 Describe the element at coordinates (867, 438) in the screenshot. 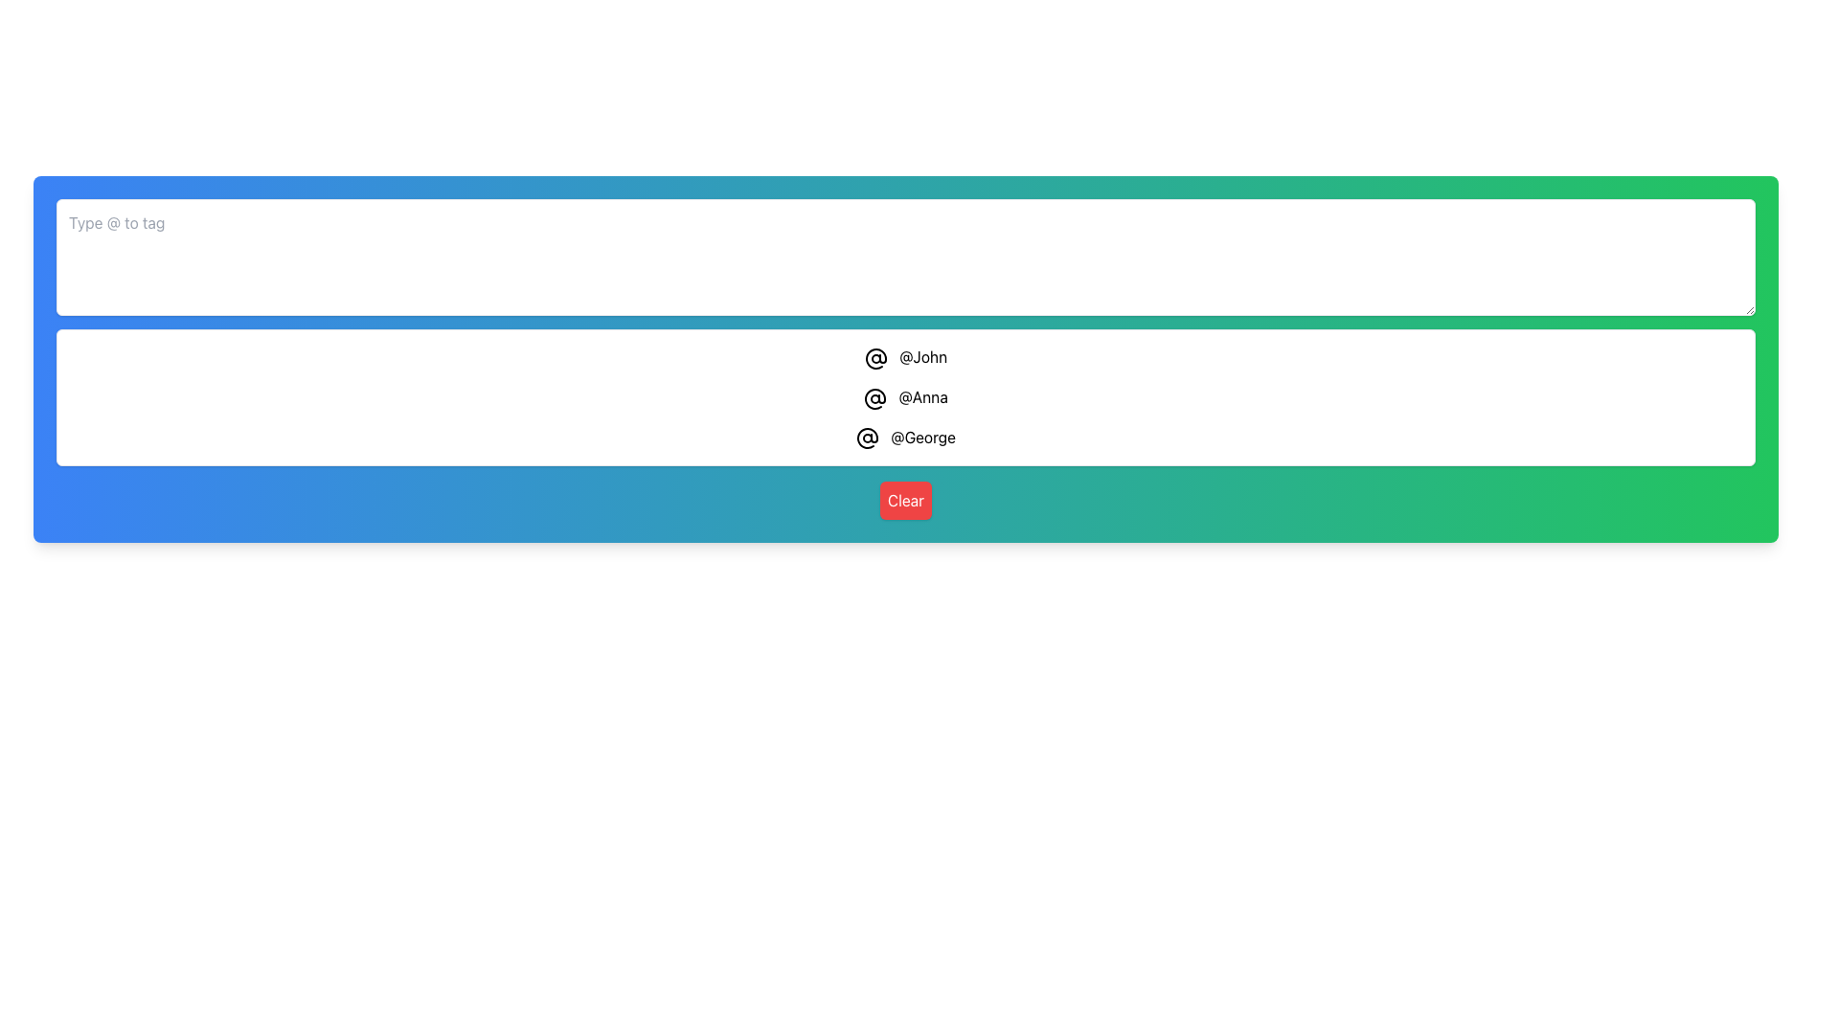

I see `the '@' icon within the suggestion drop-down that is styled with a circular enclosure and is the first icon to the left of the '@George' label` at that location.